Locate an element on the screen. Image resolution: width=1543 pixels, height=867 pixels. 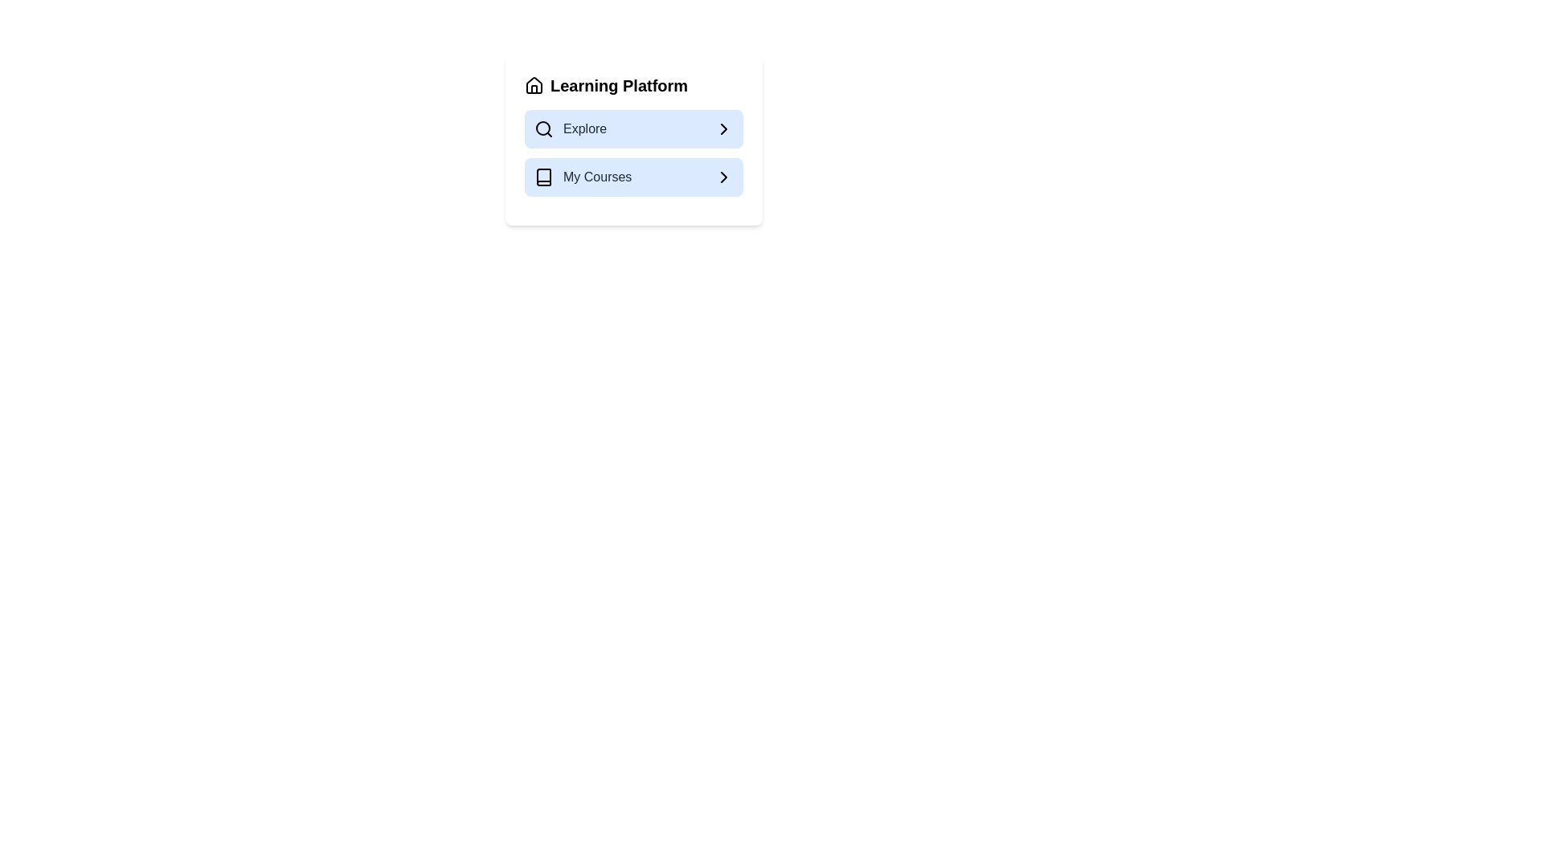
the clickable text element positioned to the right of the magnifying glass icon for navigation is located at coordinates (584, 128).